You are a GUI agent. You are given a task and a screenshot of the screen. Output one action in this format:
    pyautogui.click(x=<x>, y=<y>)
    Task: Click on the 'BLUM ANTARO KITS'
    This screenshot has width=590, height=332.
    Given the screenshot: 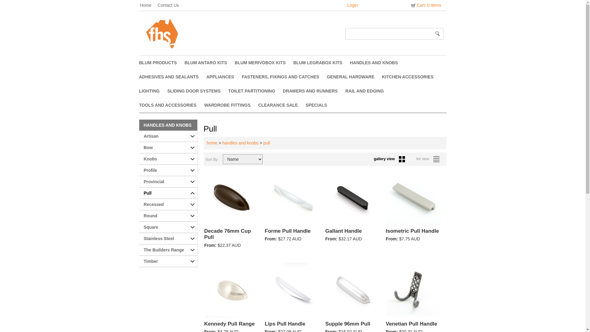 What is the action you would take?
    pyautogui.click(x=184, y=63)
    